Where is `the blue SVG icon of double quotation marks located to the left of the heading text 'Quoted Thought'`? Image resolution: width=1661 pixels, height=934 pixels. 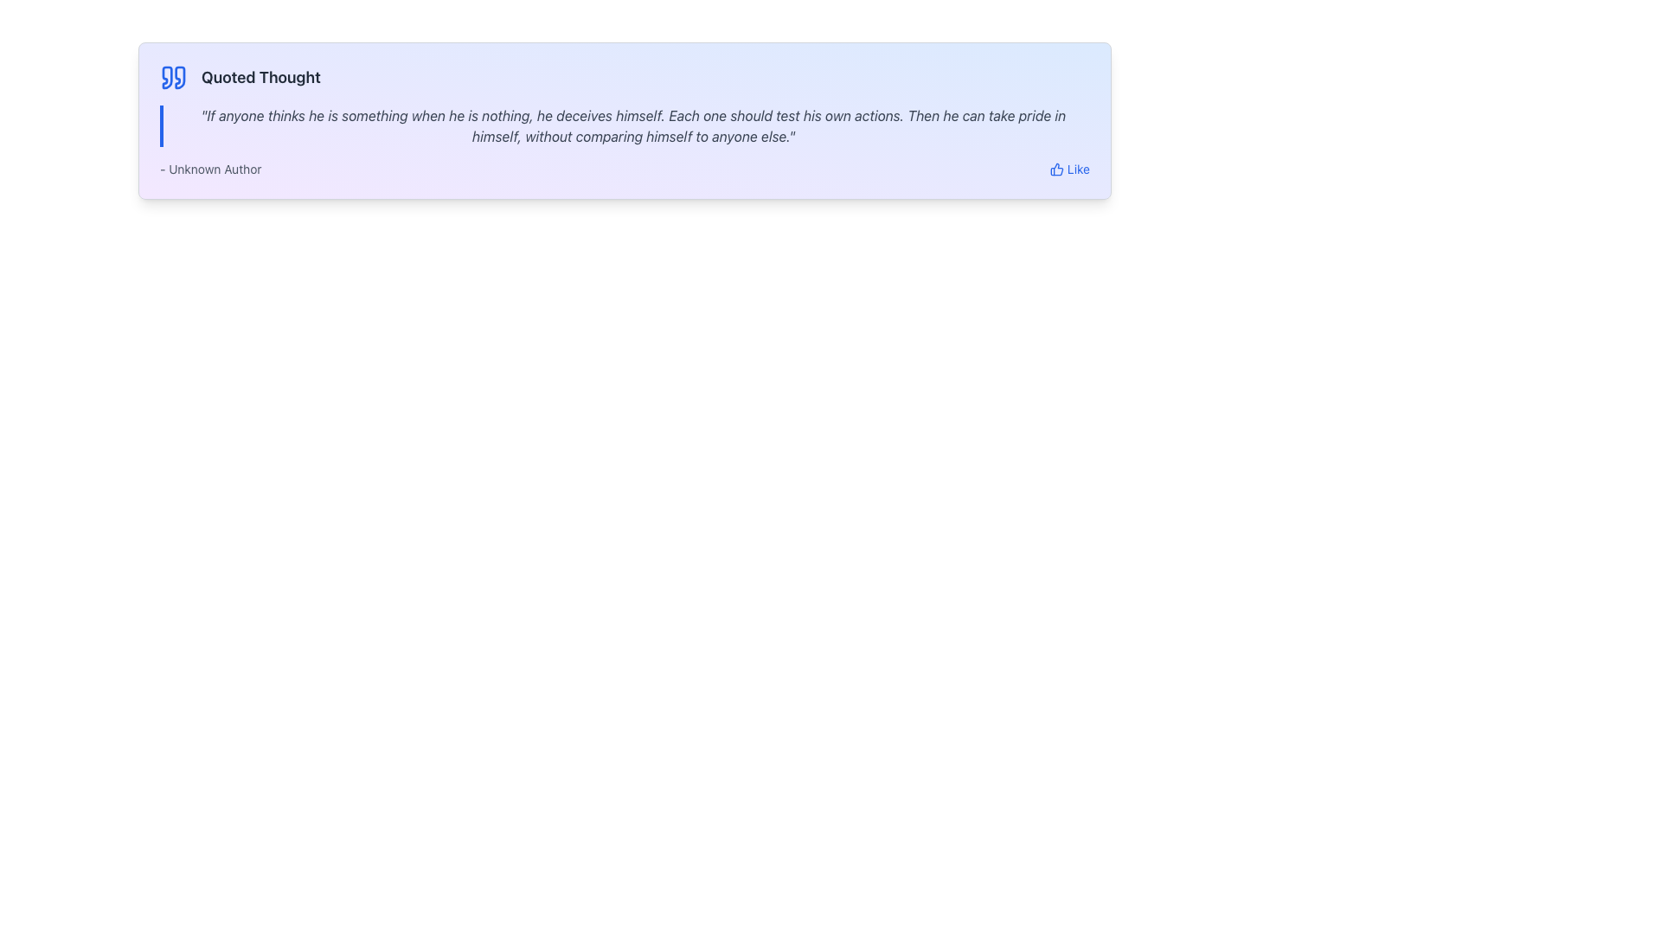
the blue SVG icon of double quotation marks located to the left of the heading text 'Quoted Thought' is located at coordinates (174, 76).